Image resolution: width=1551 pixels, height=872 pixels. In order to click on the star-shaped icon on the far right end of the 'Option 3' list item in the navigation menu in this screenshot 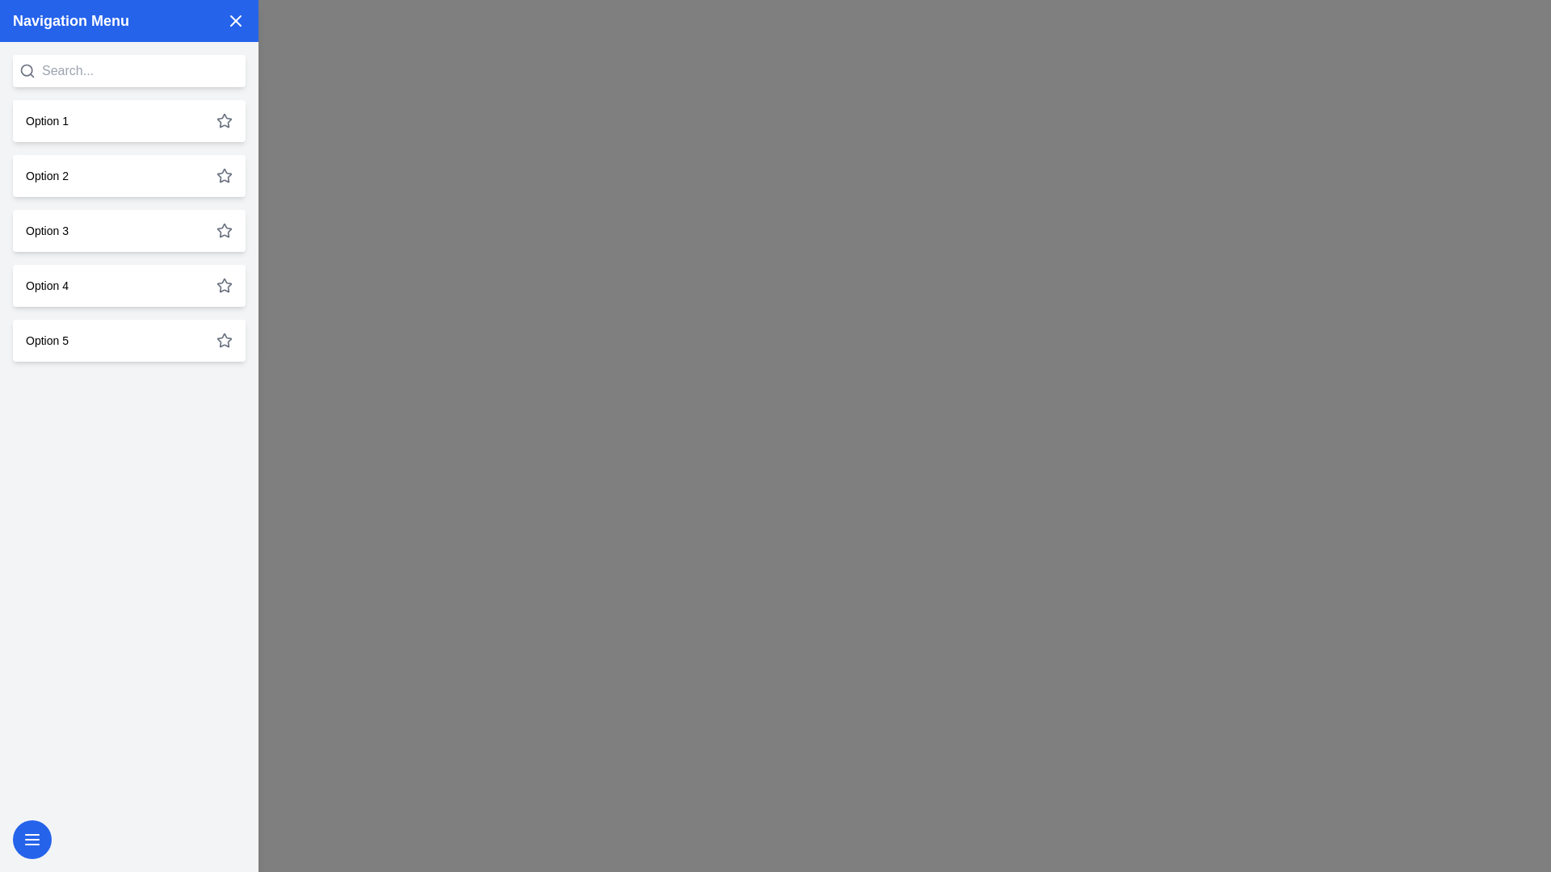, I will do `click(224, 230)`.